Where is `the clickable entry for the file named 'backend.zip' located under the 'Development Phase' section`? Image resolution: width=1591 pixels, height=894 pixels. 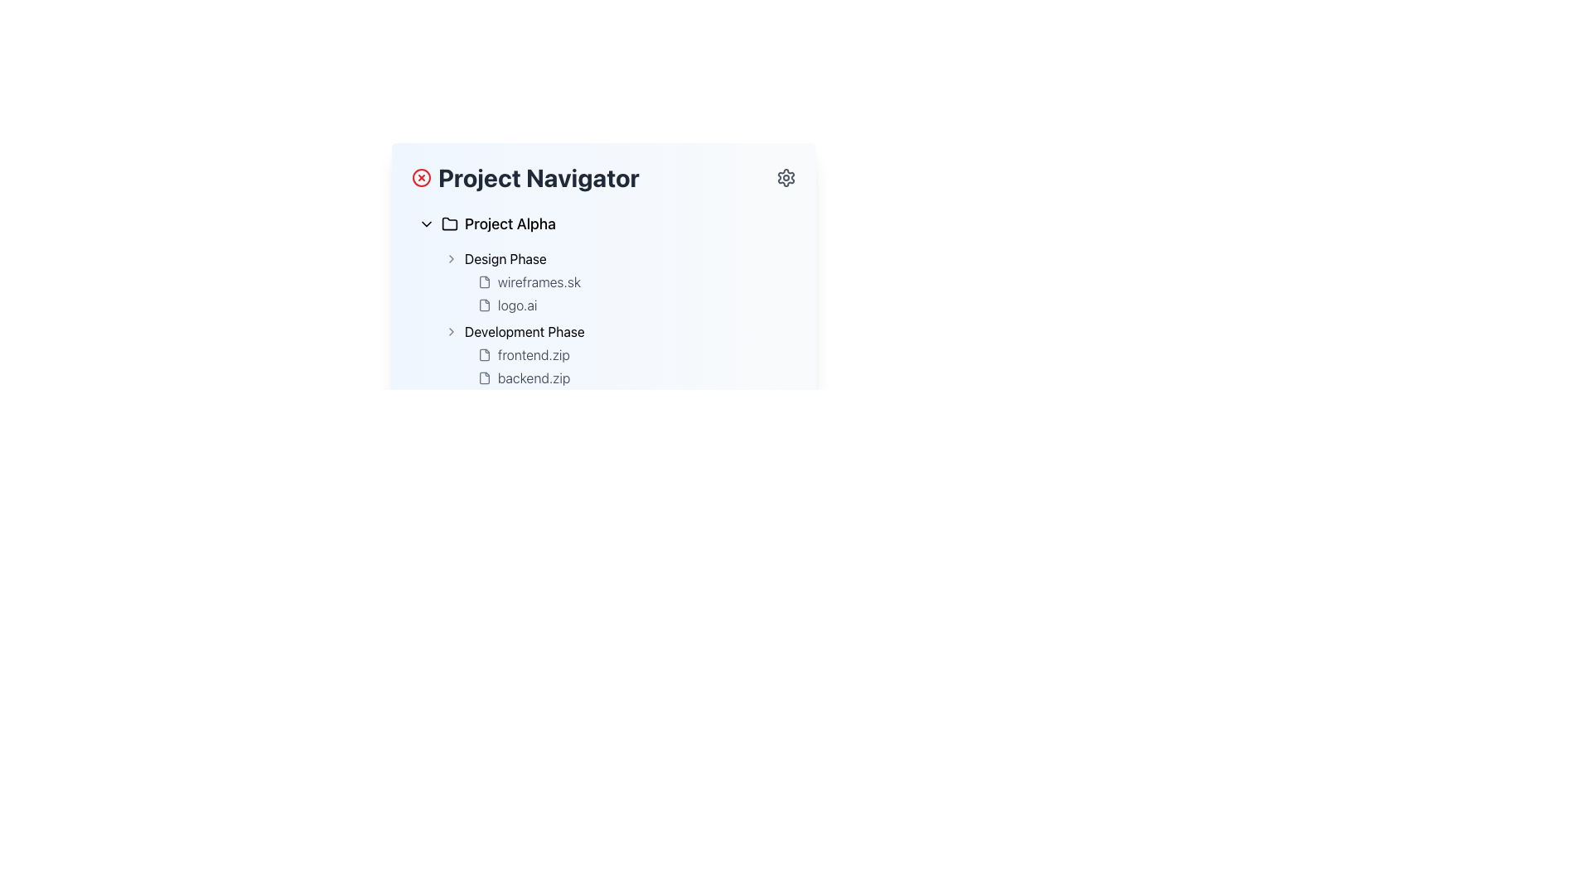 the clickable entry for the file named 'backend.zip' located under the 'Development Phase' section is located at coordinates (632, 377).